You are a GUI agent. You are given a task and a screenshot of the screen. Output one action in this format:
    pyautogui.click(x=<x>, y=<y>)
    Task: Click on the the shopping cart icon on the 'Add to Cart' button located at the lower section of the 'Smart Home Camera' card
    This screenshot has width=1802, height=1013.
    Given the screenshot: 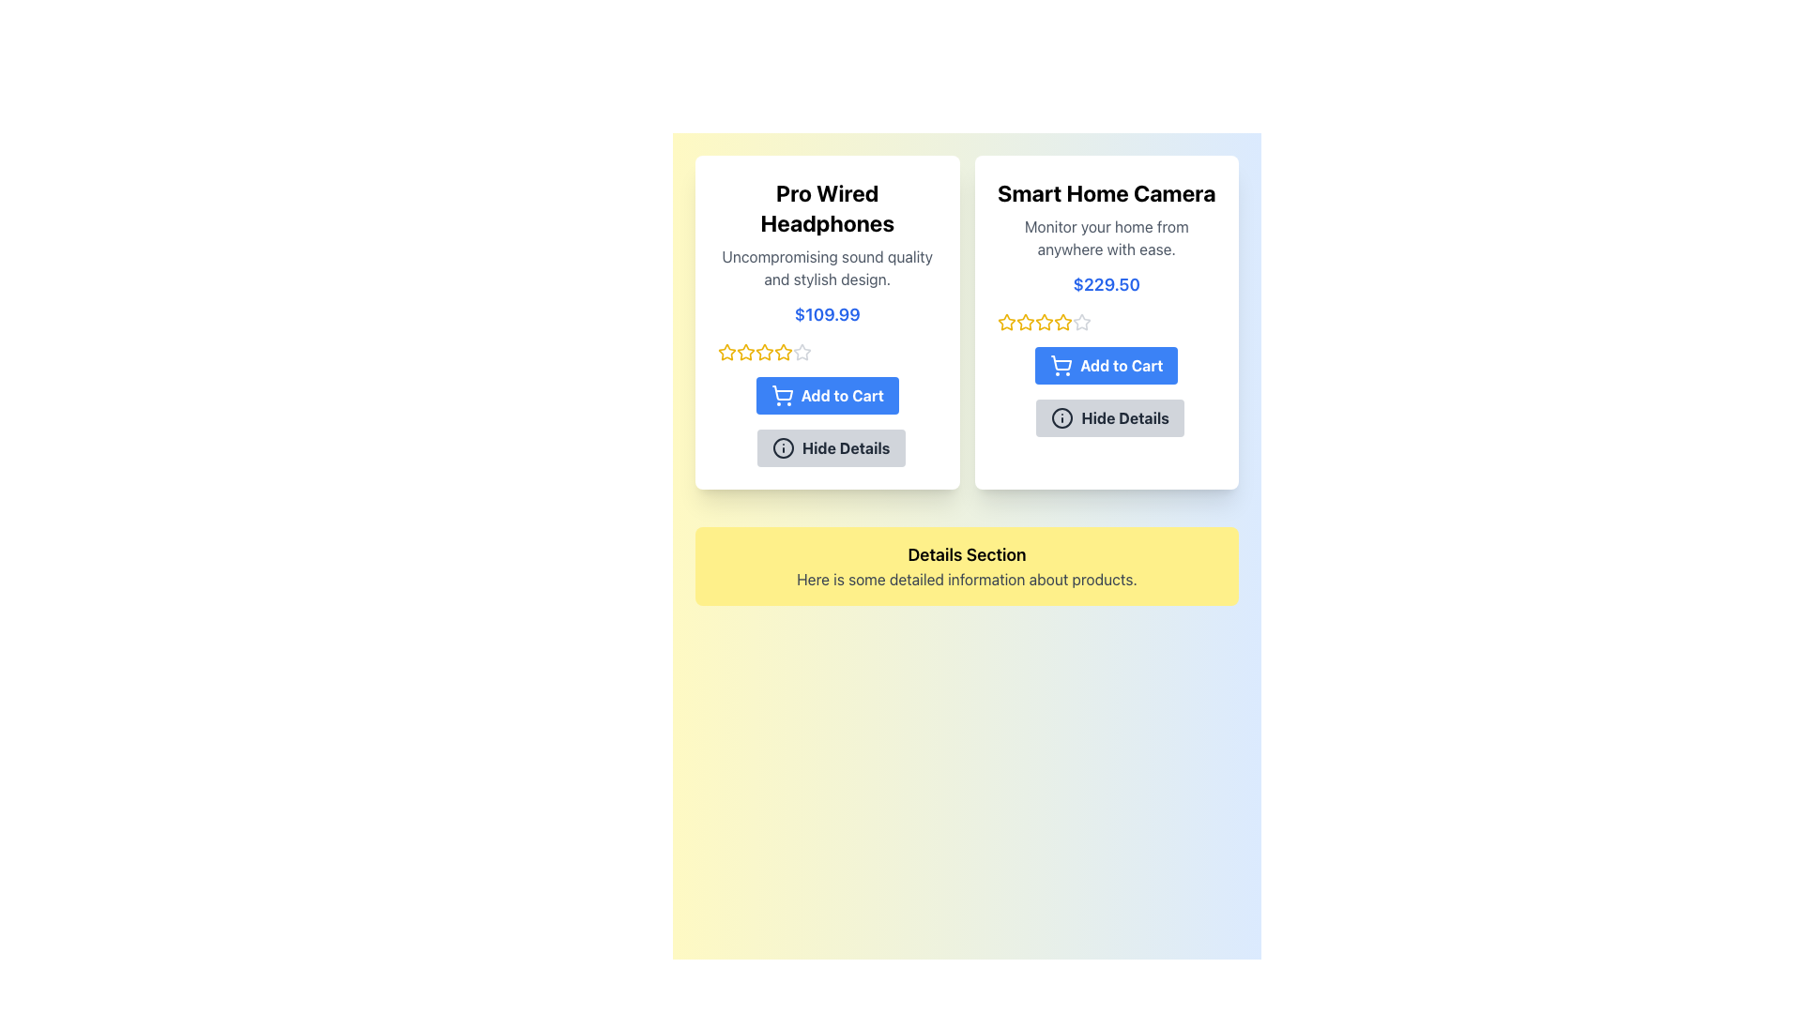 What is the action you would take?
    pyautogui.click(x=1061, y=365)
    